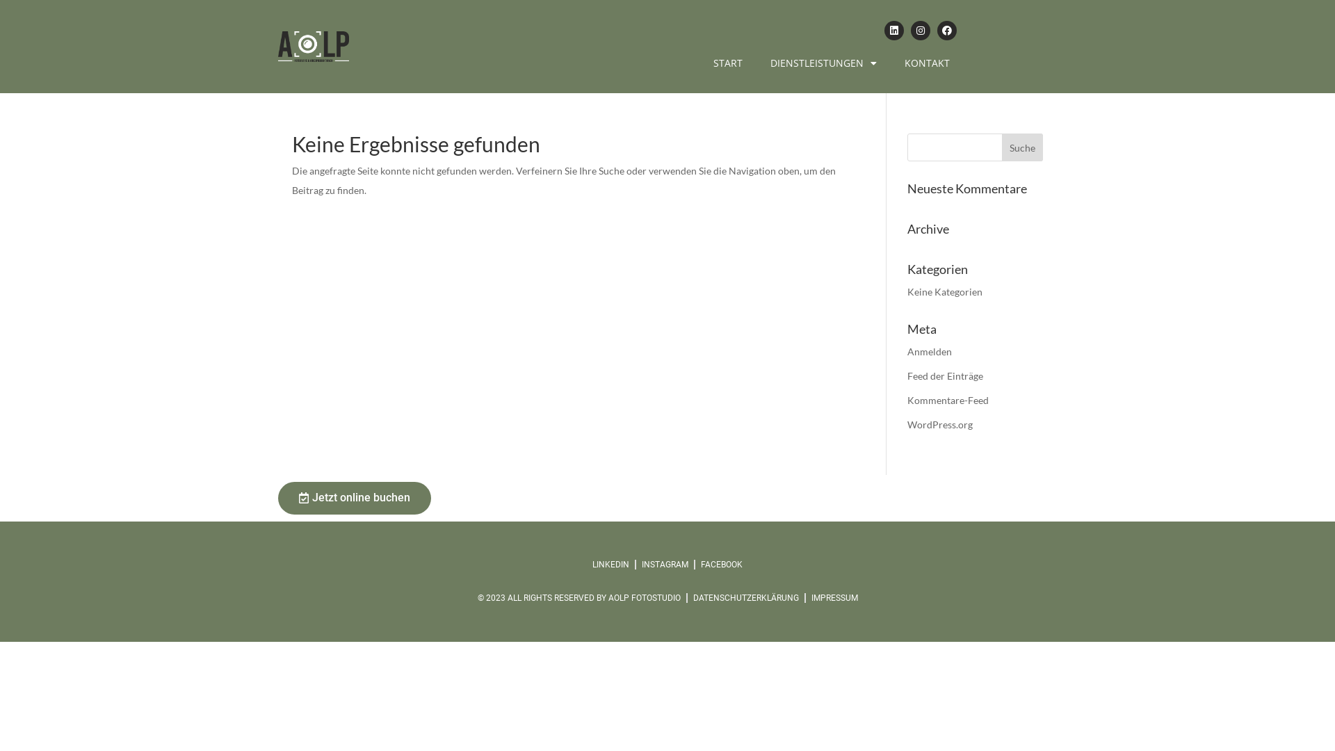  Describe the element at coordinates (354, 497) in the screenshot. I see `'Jetzt online buchen'` at that location.